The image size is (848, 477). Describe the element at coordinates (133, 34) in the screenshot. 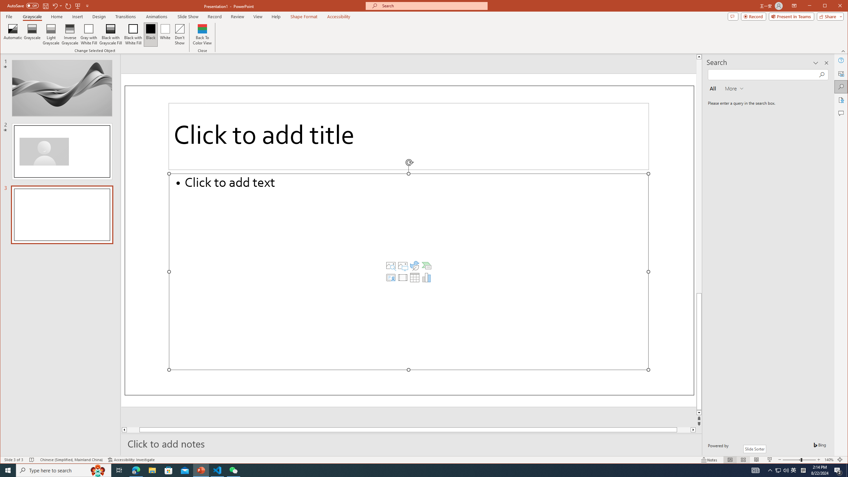

I see `'Black with White Fill'` at that location.